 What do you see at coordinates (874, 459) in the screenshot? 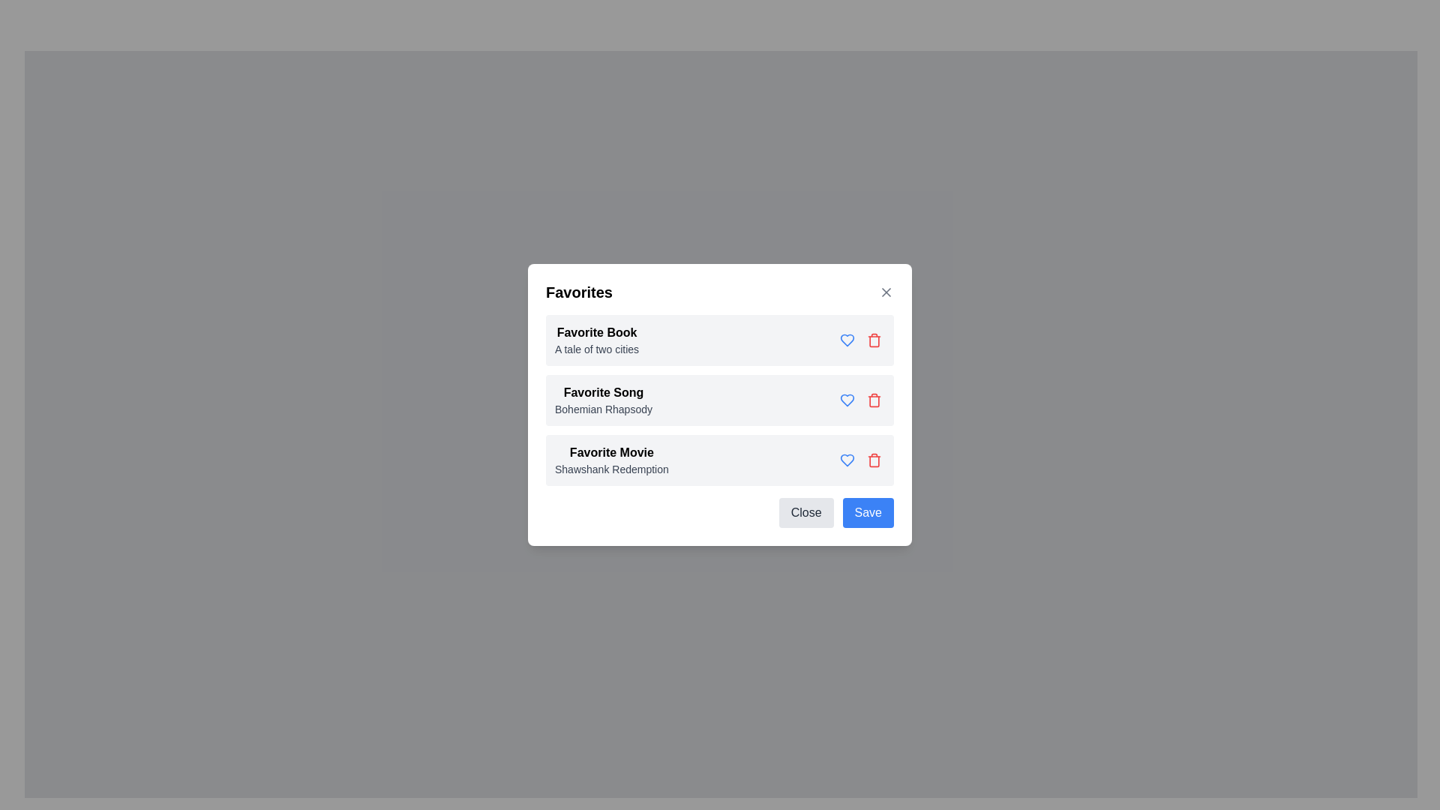
I see `the delete icon button located in the third row of the 'Favorites' dialog box, adjacent to 'Favorite Movie: Shawshank Redemption'` at bounding box center [874, 459].